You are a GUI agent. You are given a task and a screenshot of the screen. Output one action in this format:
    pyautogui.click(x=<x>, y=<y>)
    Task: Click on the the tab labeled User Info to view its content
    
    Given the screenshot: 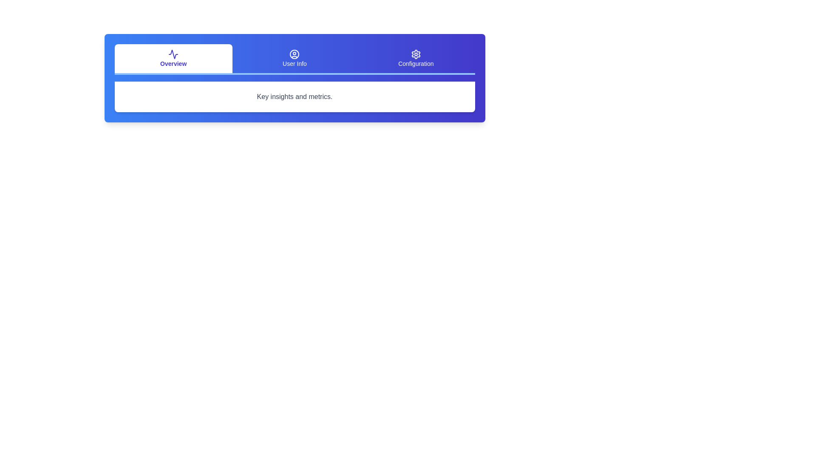 What is the action you would take?
    pyautogui.click(x=295, y=58)
    